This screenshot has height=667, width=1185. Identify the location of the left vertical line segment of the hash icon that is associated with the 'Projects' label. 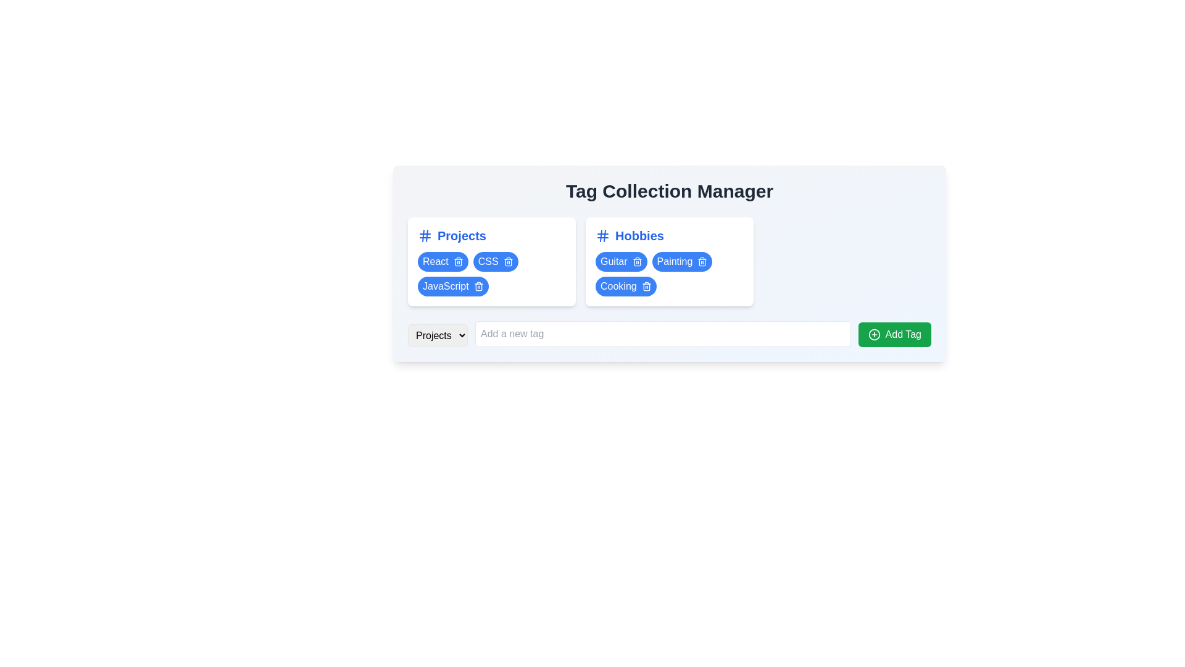
(423, 235).